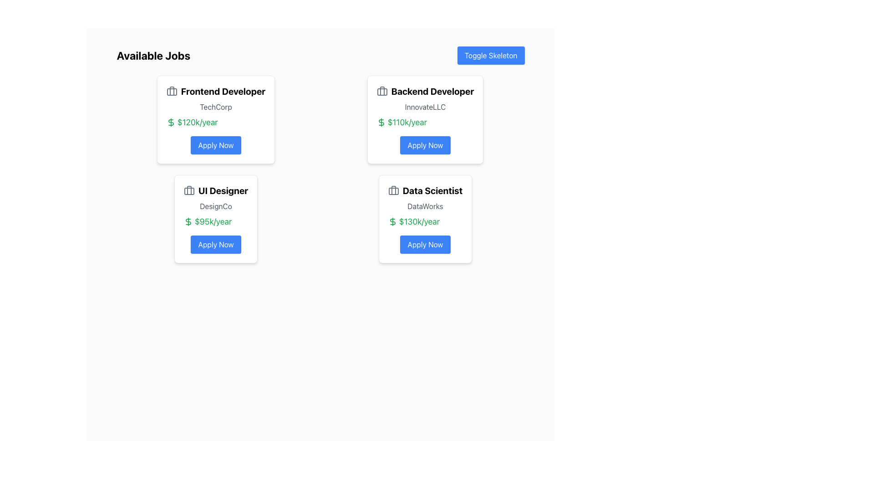 The height and width of the screenshot is (492, 874). Describe the element at coordinates (215, 122) in the screenshot. I see `the Text Label displaying the salary '$120k/year' in the job listing card for 'Frontend Developer' at TechCorp, which is located below the company name and above the 'Apply Now' button` at that location.